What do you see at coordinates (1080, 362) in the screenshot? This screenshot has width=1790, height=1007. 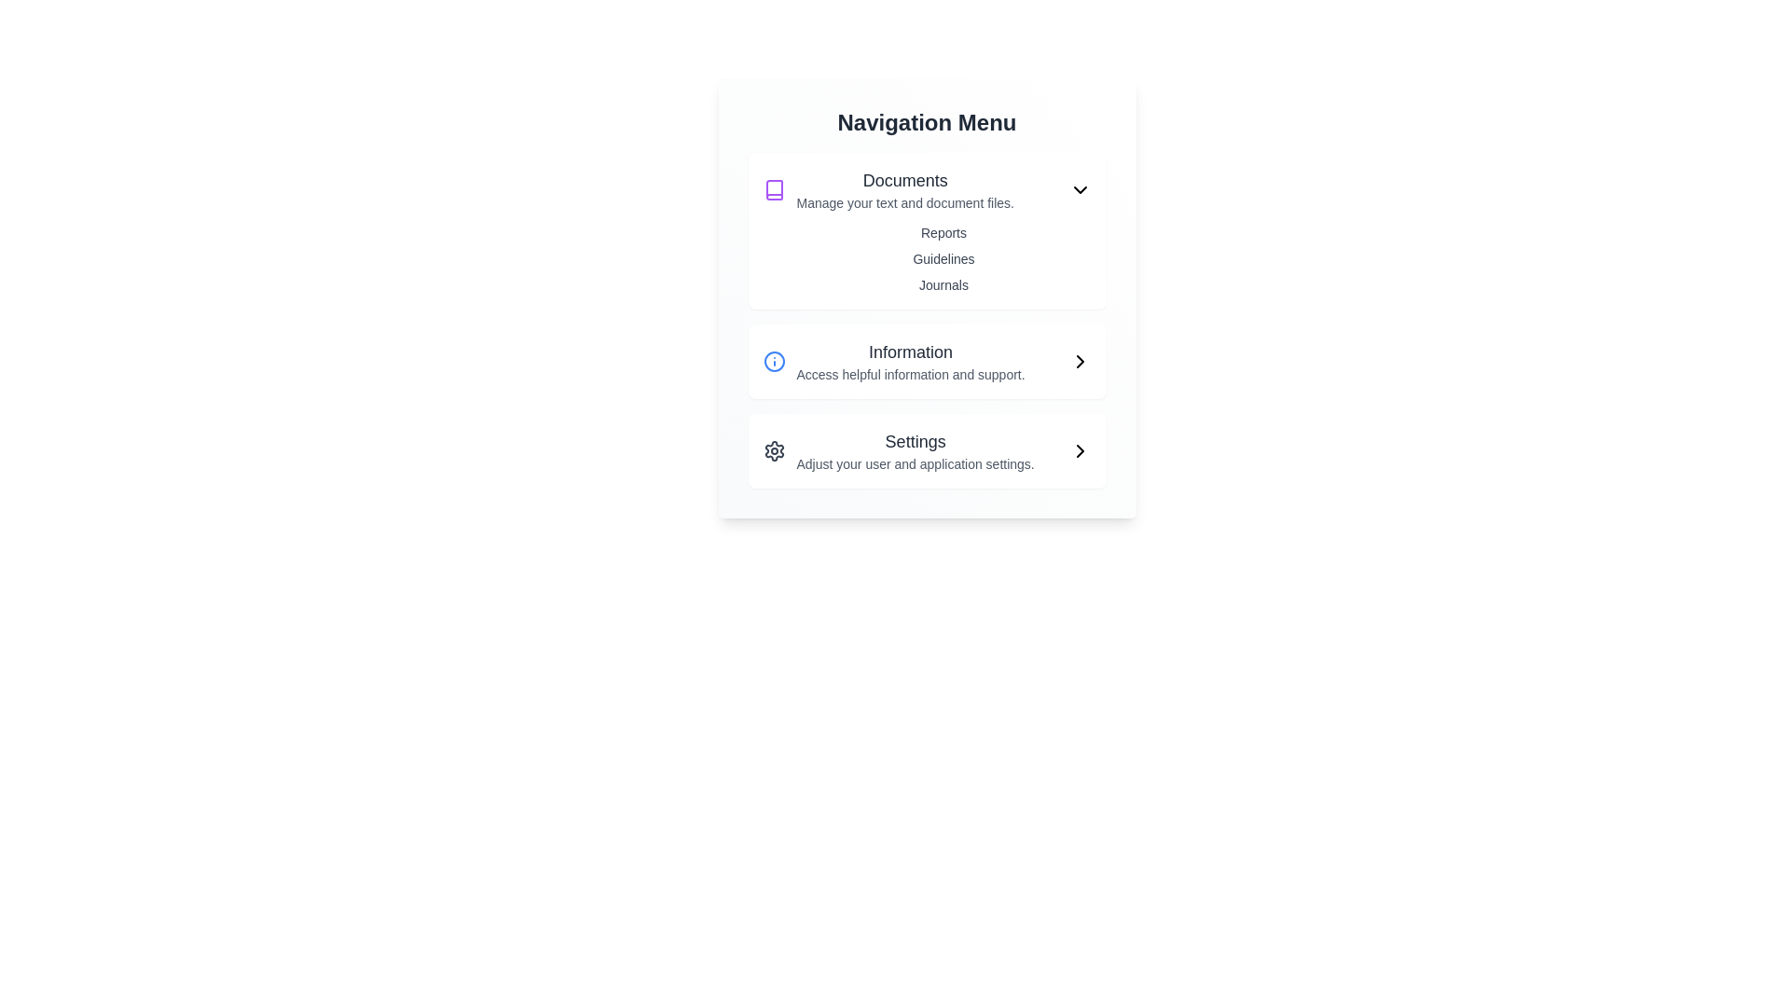 I see `the Chevron icon indicating expandable content in the 'Information' section of the navigation menu, located between 'Documents' and 'Settings'` at bounding box center [1080, 362].